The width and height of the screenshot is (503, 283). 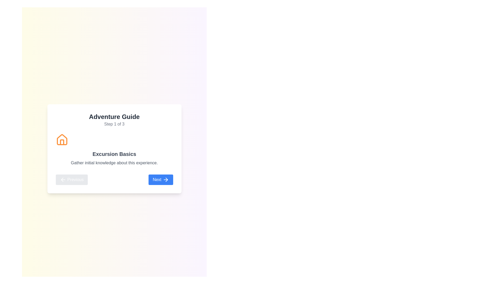 I want to click on the orange house icon located above the 'Excursion Basics' text and to the left of the 'Next' button in the card interface, so click(x=62, y=139).